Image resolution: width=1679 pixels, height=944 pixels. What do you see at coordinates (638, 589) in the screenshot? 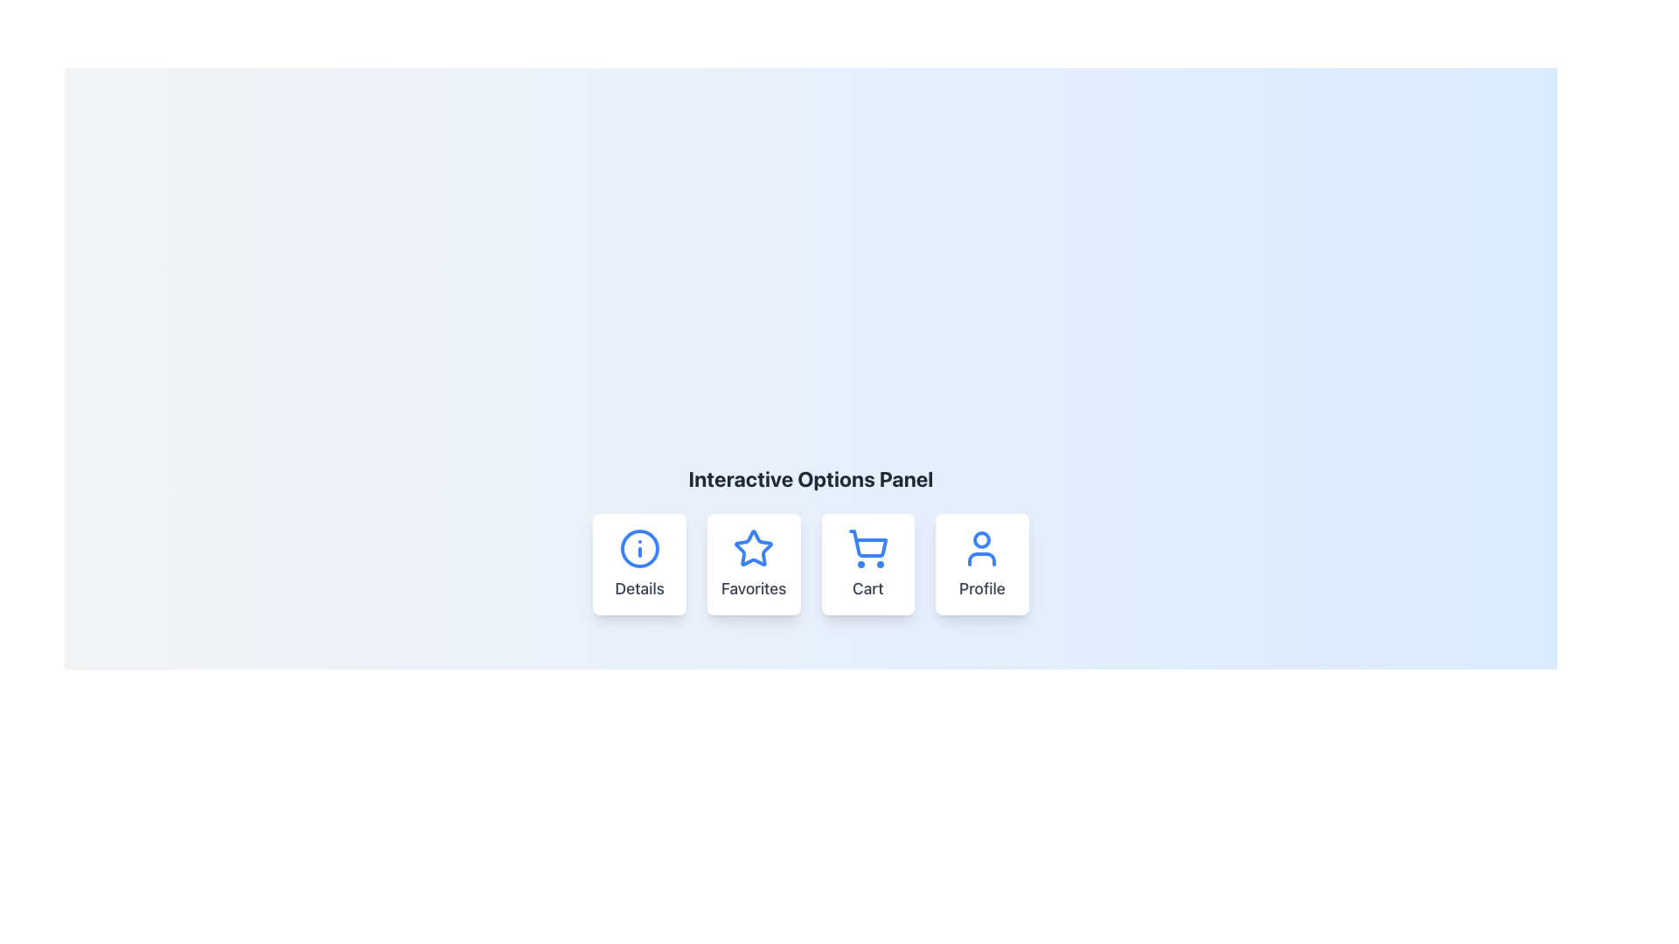
I see `the 'Details' text label, which is displayed in a medium-sized, dark gray font and is located beneath an information icon in a circular outline` at bounding box center [638, 589].